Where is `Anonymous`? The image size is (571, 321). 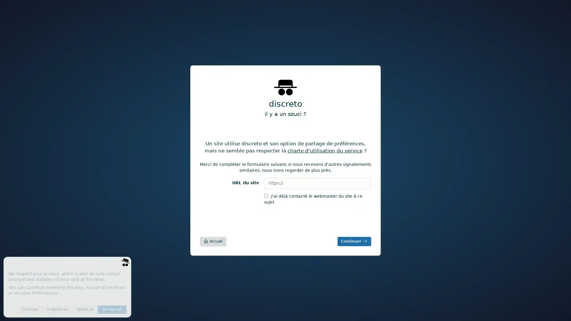 Anonymous is located at coordinates (69, 311).